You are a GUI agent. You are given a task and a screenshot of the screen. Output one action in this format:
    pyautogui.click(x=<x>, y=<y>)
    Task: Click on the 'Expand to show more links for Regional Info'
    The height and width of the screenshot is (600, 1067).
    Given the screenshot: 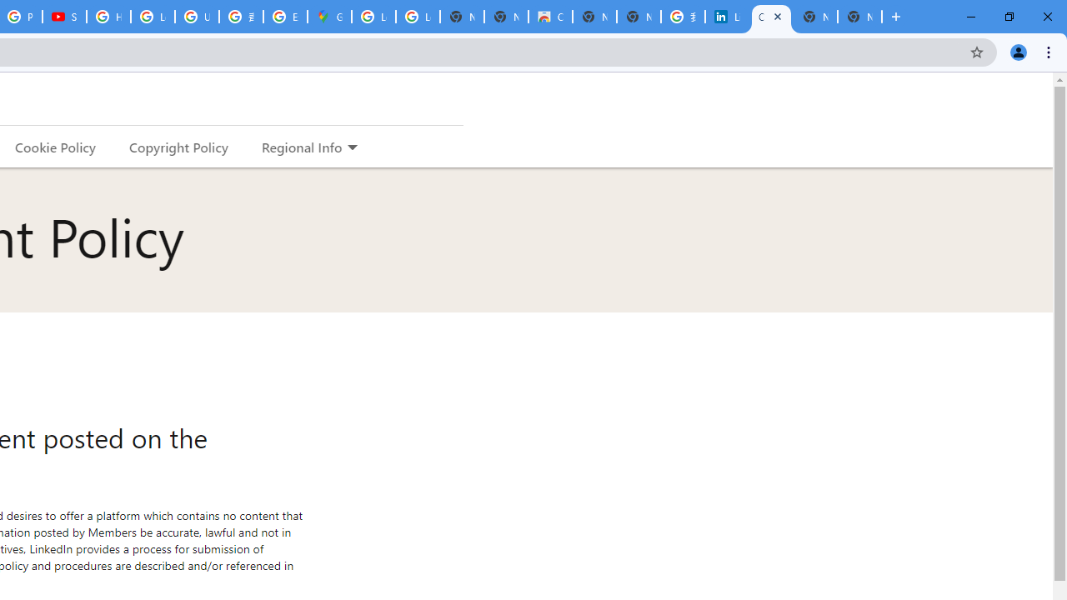 What is the action you would take?
    pyautogui.click(x=351, y=147)
    